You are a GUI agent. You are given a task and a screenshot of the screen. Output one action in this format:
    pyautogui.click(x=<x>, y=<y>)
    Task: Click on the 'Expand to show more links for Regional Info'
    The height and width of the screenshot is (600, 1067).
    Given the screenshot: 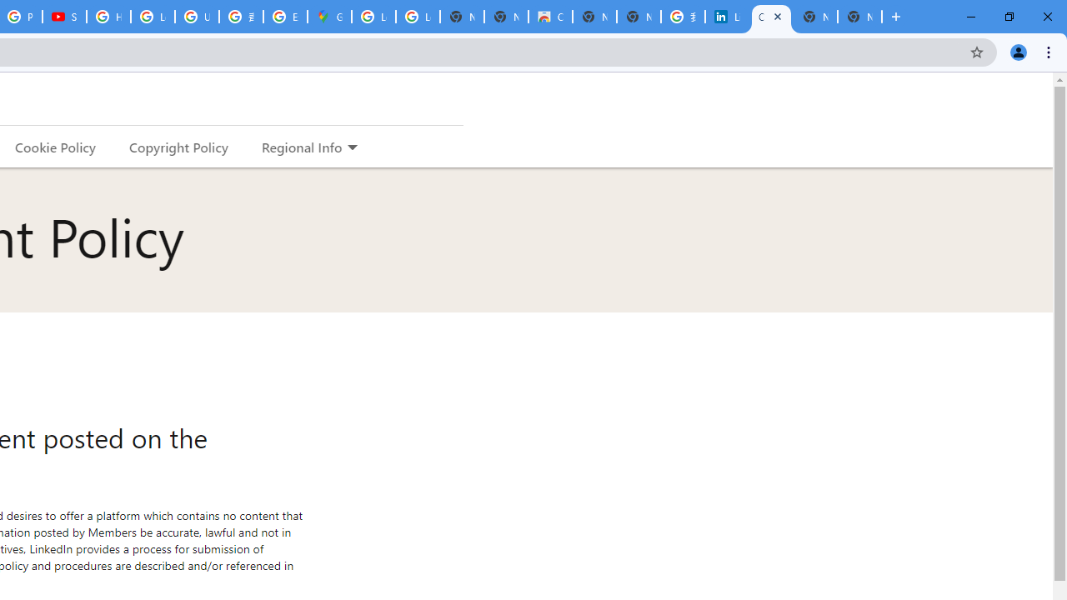 What is the action you would take?
    pyautogui.click(x=351, y=147)
    